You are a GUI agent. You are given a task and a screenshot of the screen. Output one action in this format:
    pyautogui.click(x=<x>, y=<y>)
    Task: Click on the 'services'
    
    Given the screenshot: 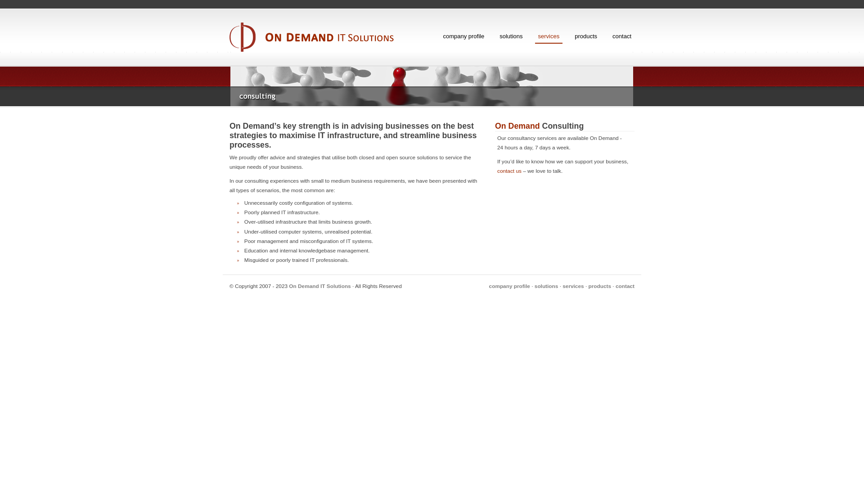 What is the action you would take?
    pyautogui.click(x=535, y=36)
    